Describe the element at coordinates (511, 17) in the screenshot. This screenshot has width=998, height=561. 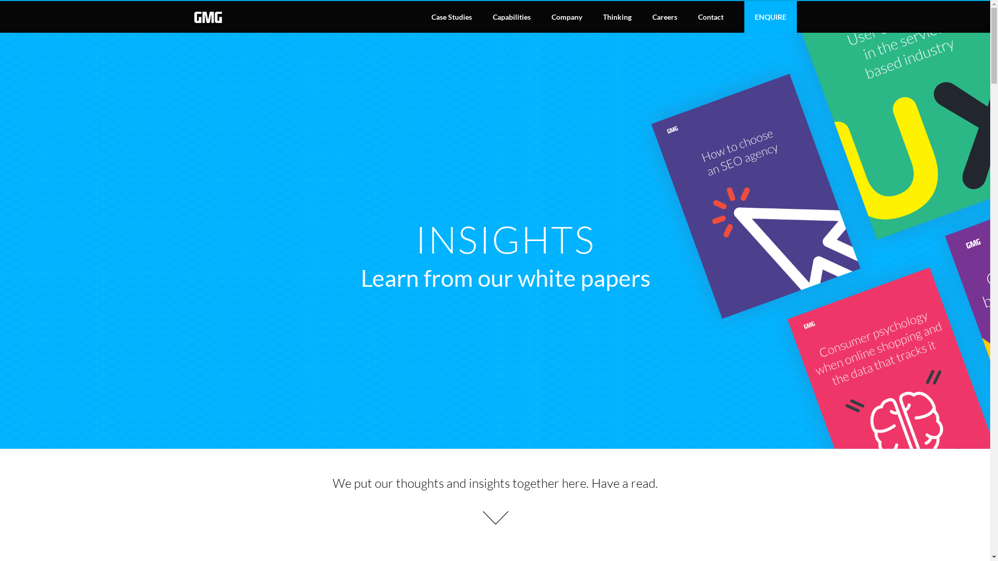
I see `'Capabilities'` at that location.